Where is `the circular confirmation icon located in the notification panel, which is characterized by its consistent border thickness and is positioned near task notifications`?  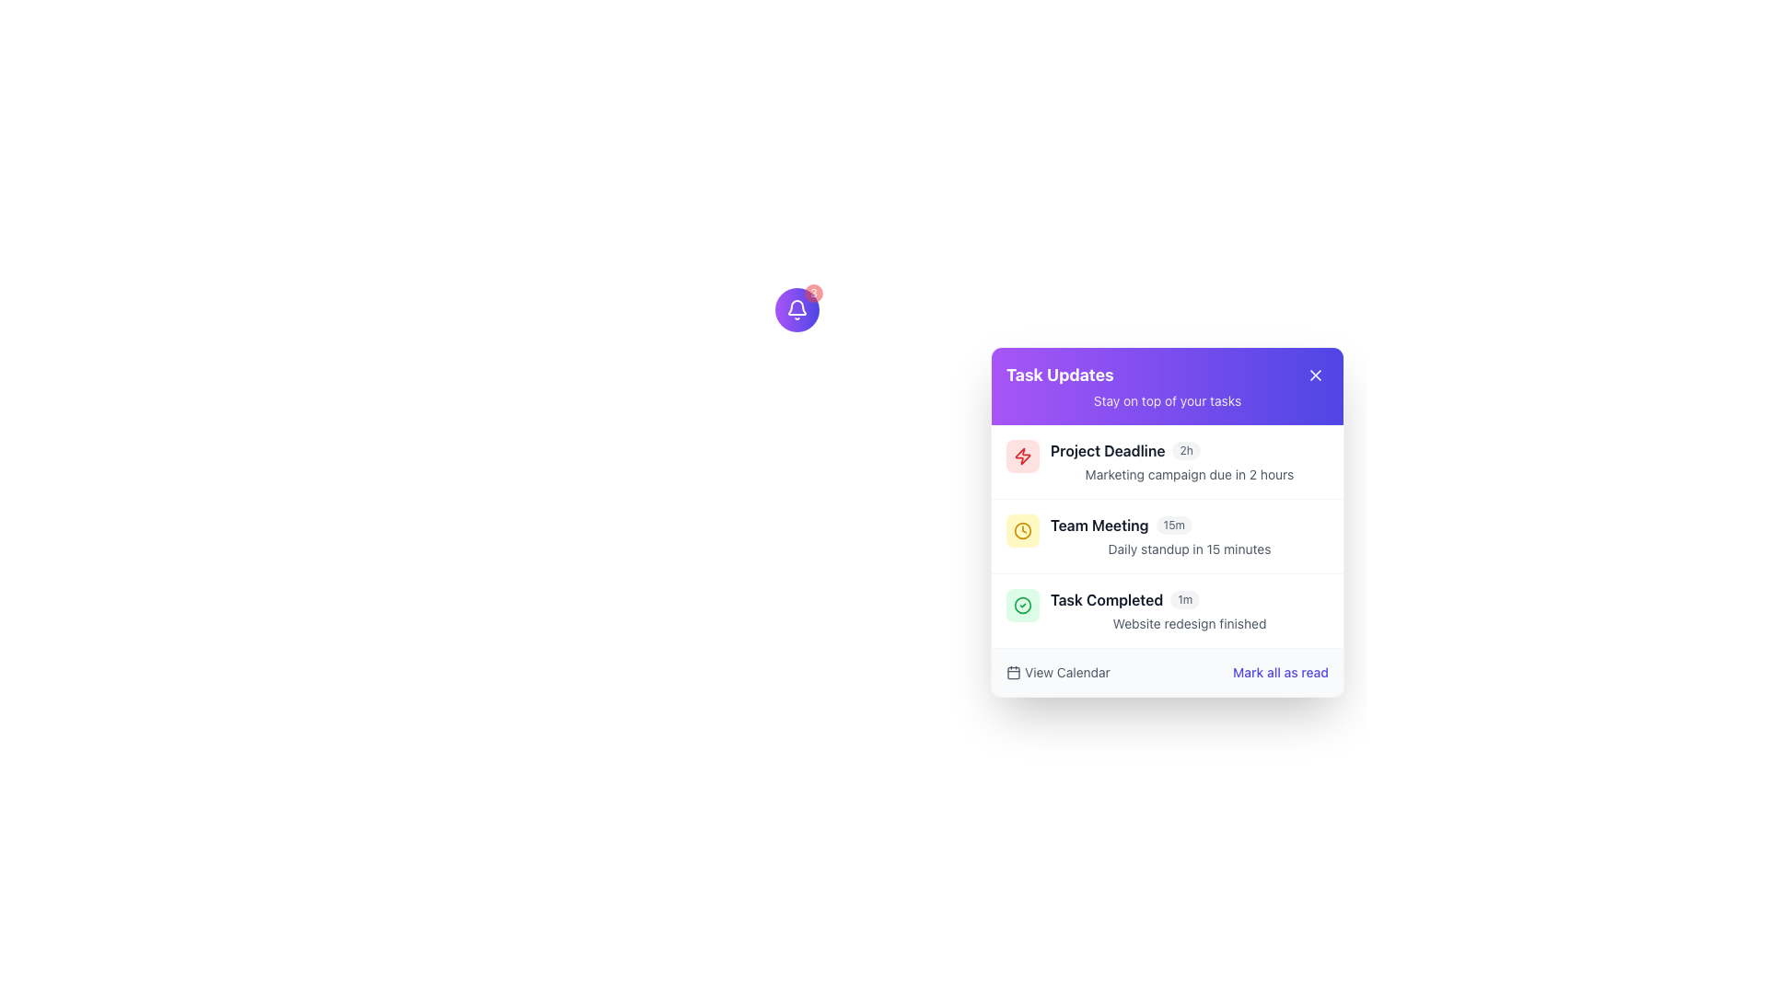 the circular confirmation icon located in the notification panel, which is characterized by its consistent border thickness and is positioned near task notifications is located at coordinates (1021, 606).